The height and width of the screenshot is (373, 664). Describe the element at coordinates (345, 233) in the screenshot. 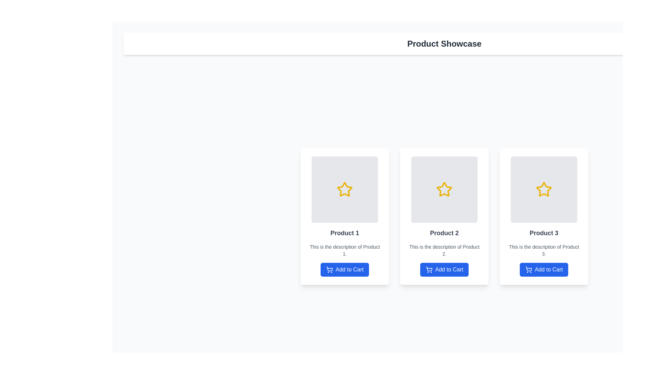

I see `the Static Text Label reading 'Product 1', which is centrally located within the first card of a set of three cards, styled with a larger font and bold gray color` at that location.